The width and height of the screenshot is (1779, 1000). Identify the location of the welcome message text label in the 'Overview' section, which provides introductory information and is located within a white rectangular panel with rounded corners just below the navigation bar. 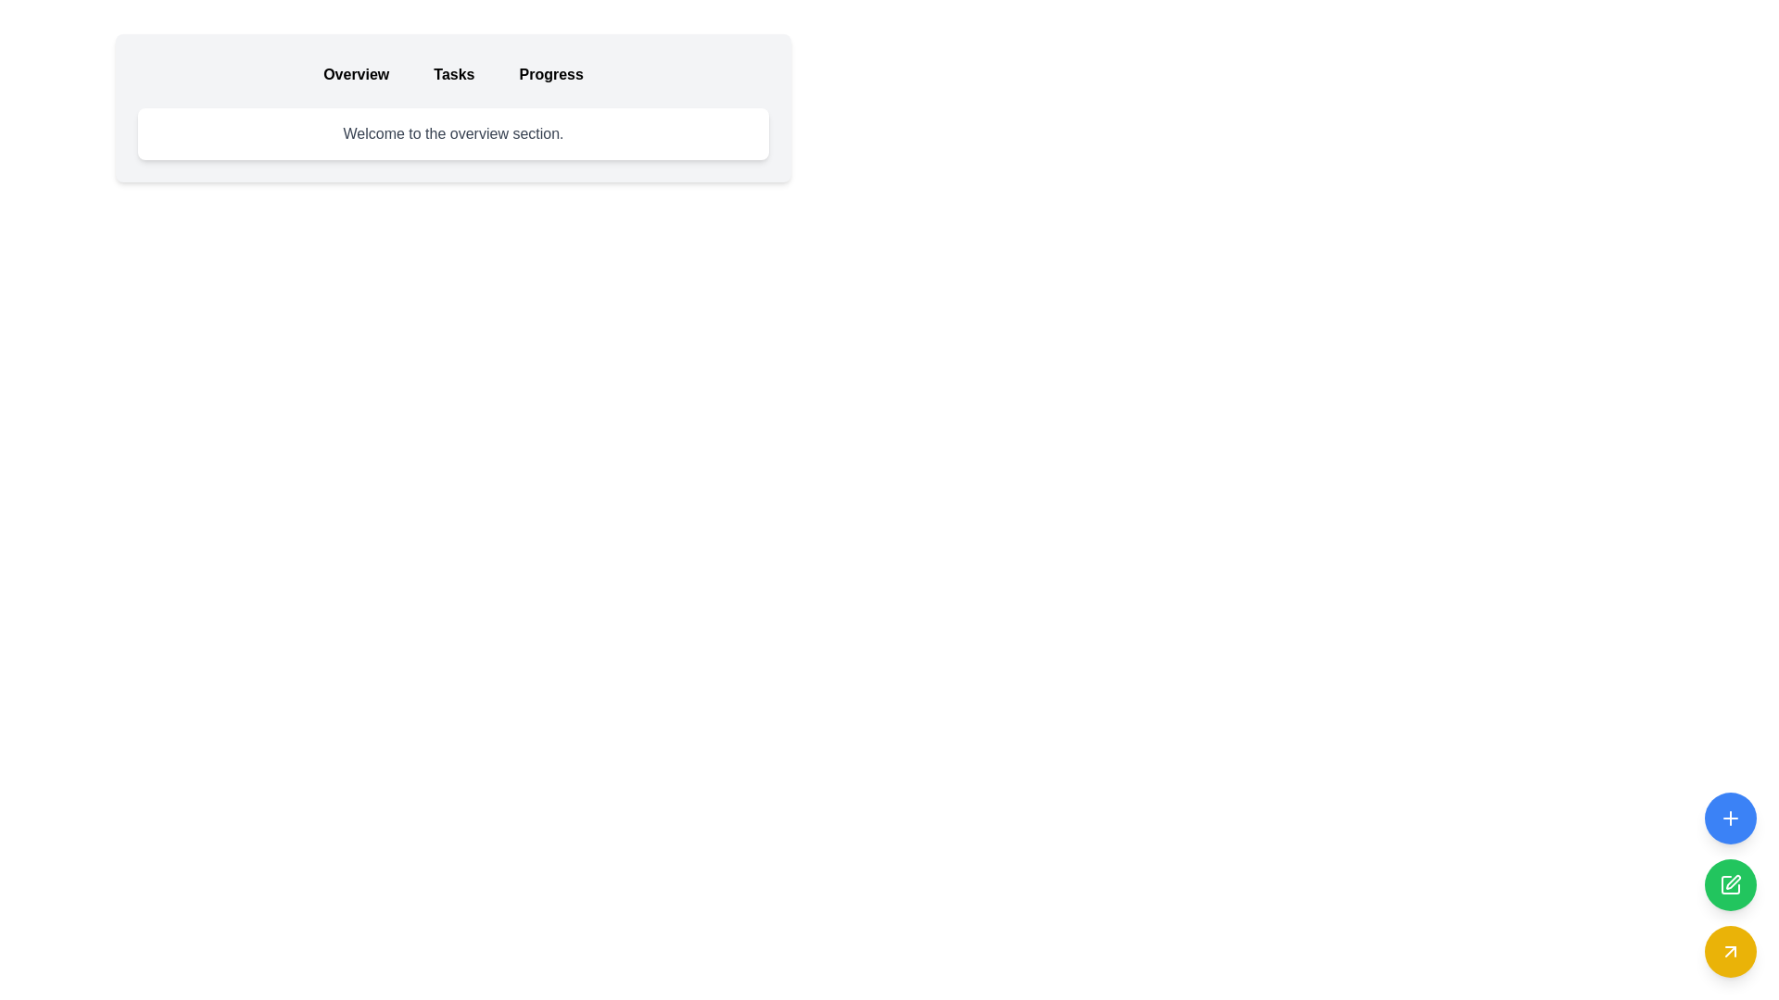
(453, 133).